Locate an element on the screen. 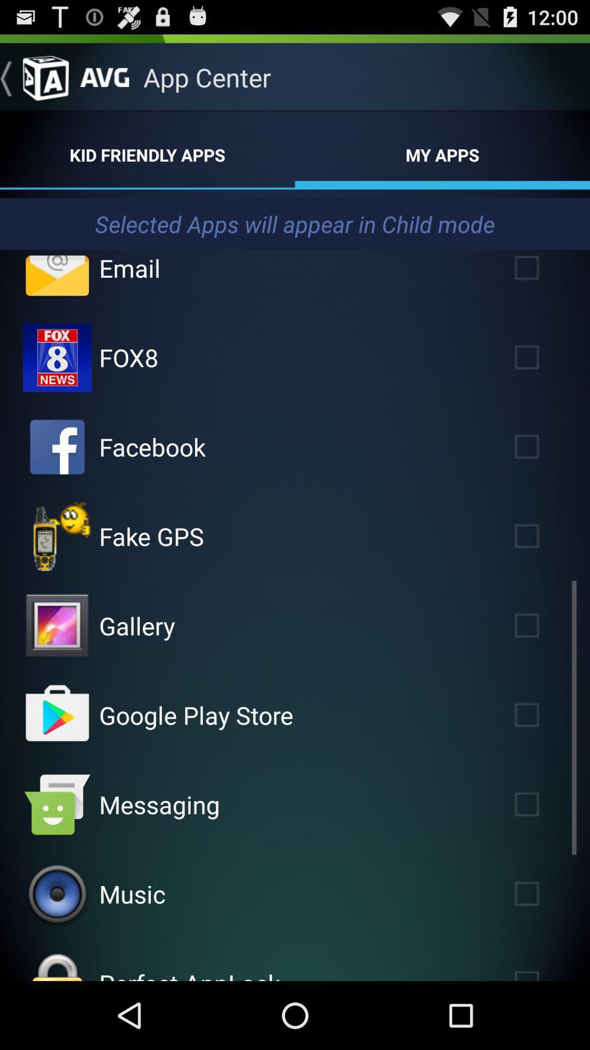  selection is located at coordinates (542, 447).